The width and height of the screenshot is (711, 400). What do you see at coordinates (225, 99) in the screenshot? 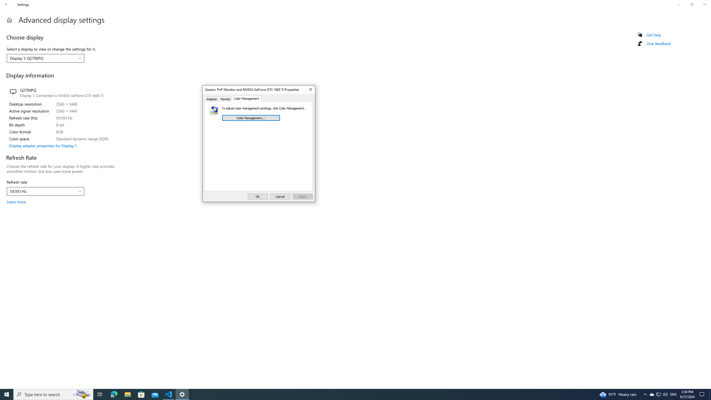
I see `'Monitor'` at bounding box center [225, 99].